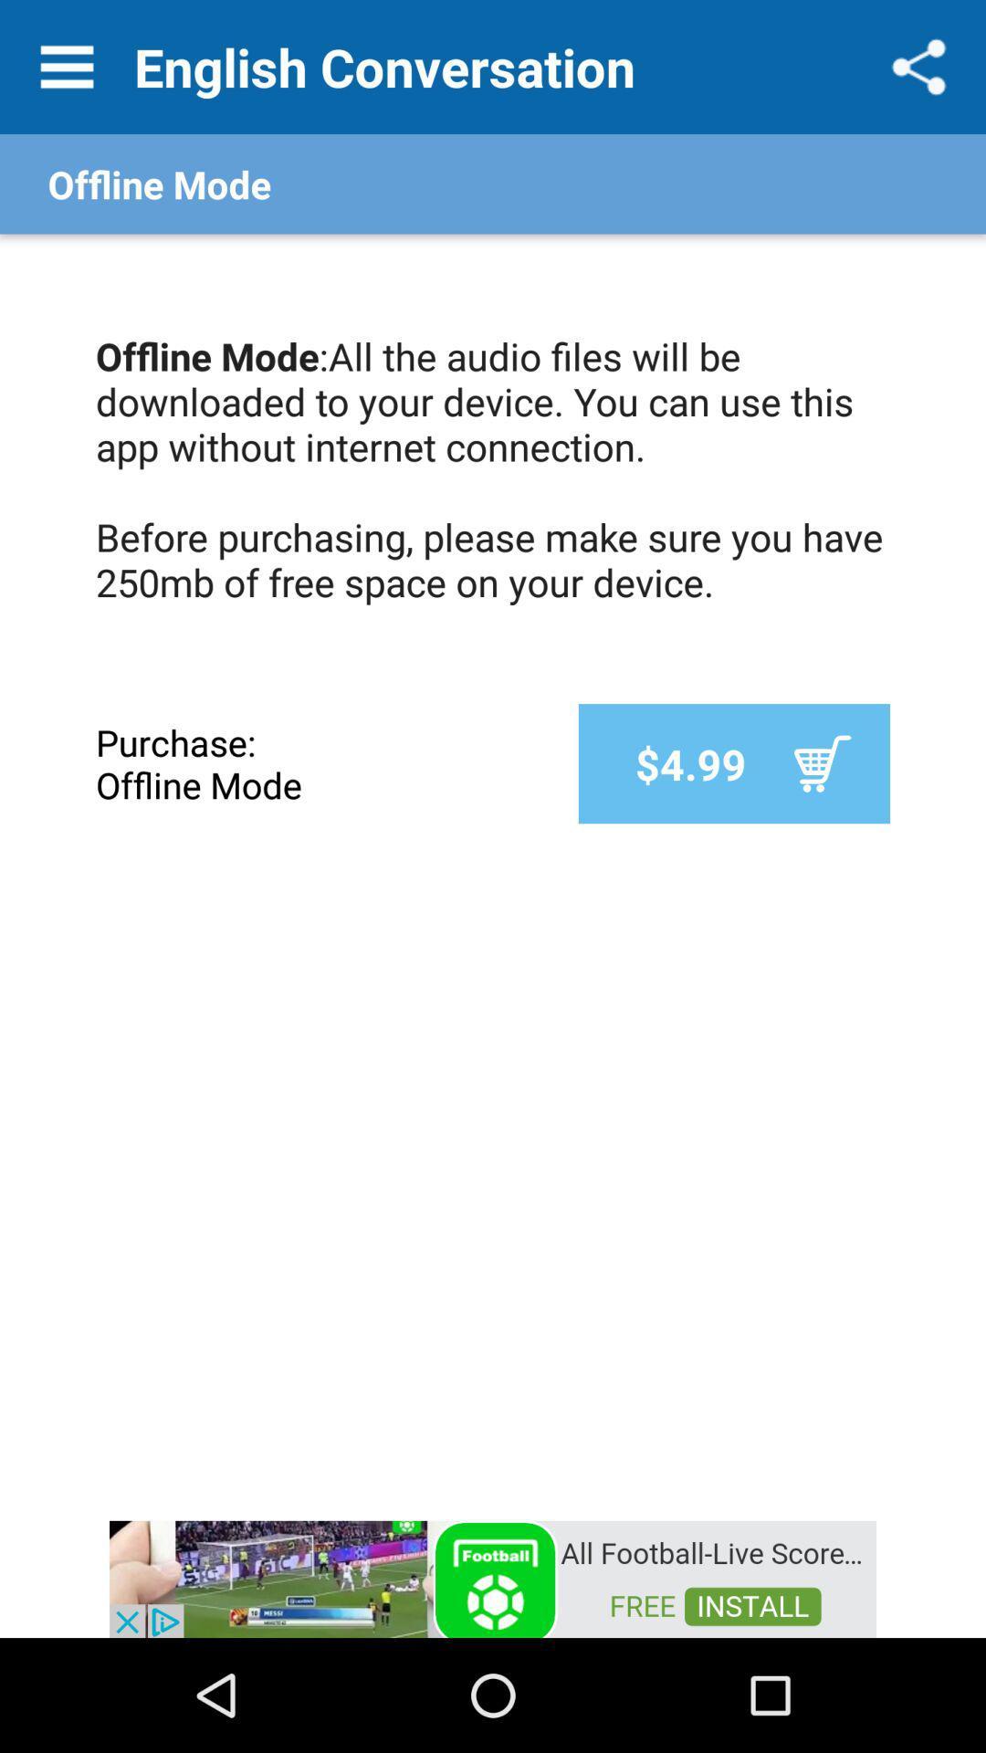 This screenshot has height=1753, width=986. Describe the element at coordinates (493, 1577) in the screenshot. I see `open advertisement` at that location.